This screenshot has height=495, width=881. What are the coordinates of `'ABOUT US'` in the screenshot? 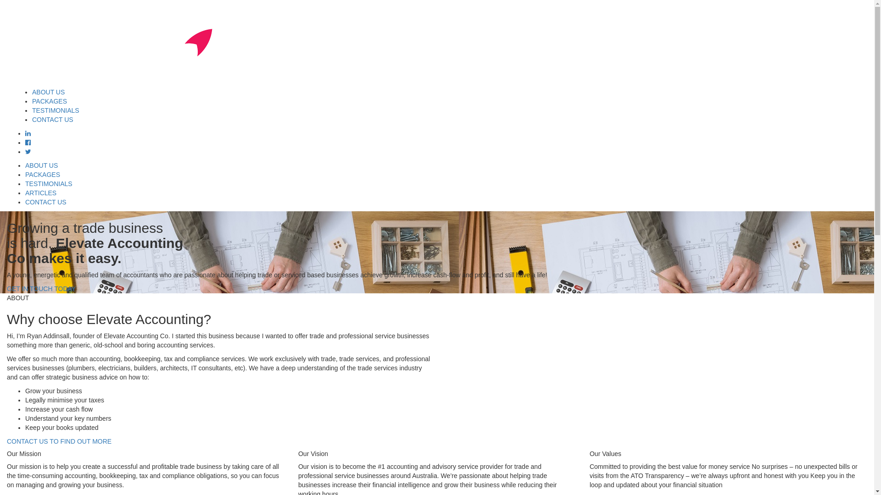 It's located at (25, 165).